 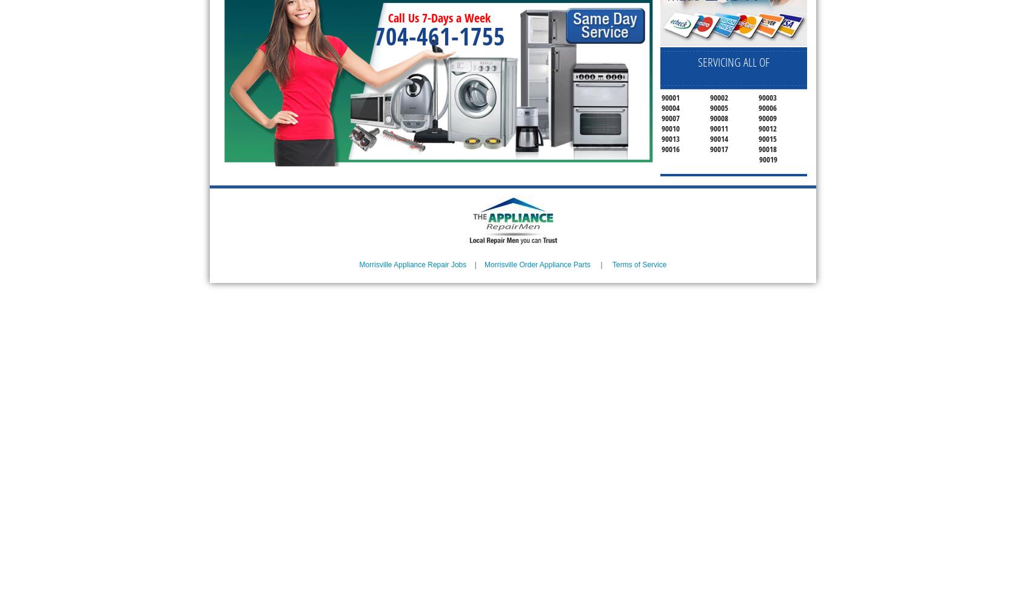 What do you see at coordinates (670, 148) in the screenshot?
I see `'90016'` at bounding box center [670, 148].